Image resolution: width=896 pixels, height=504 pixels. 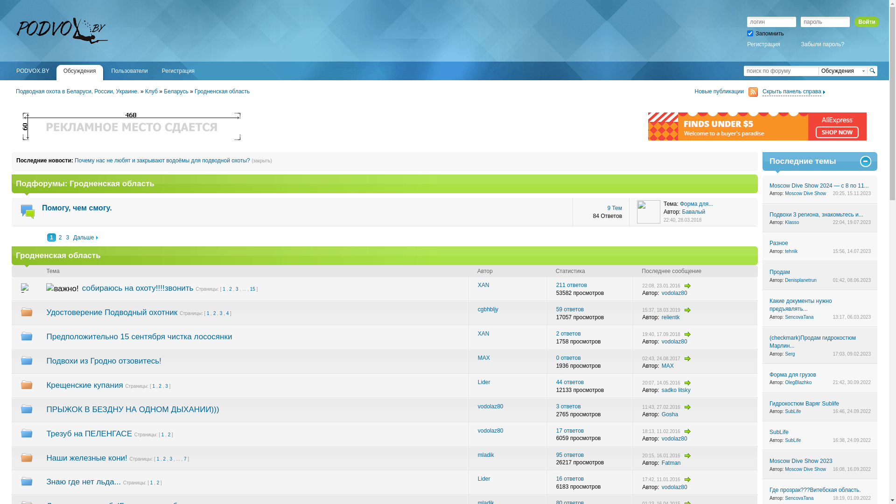 I want to click on 'Gosha', so click(x=669, y=413).